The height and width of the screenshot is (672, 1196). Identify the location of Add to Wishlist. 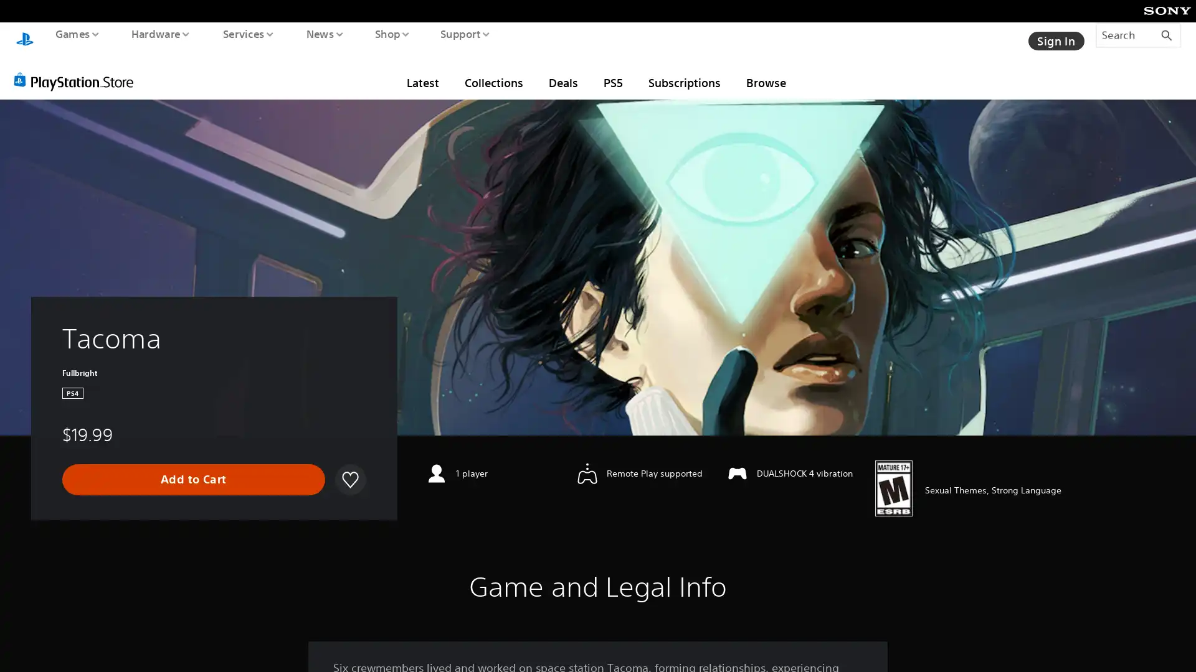
(349, 467).